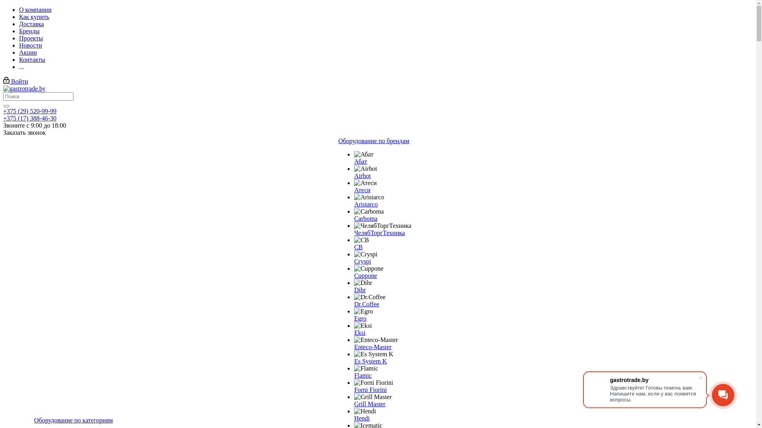  What do you see at coordinates (369, 389) in the screenshot?
I see `'Forni Fiorini'` at bounding box center [369, 389].